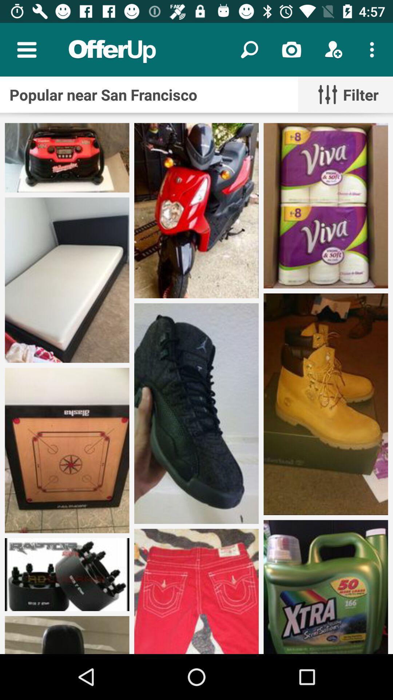  Describe the element at coordinates (325, 587) in the screenshot. I see `the image of third column third image` at that location.